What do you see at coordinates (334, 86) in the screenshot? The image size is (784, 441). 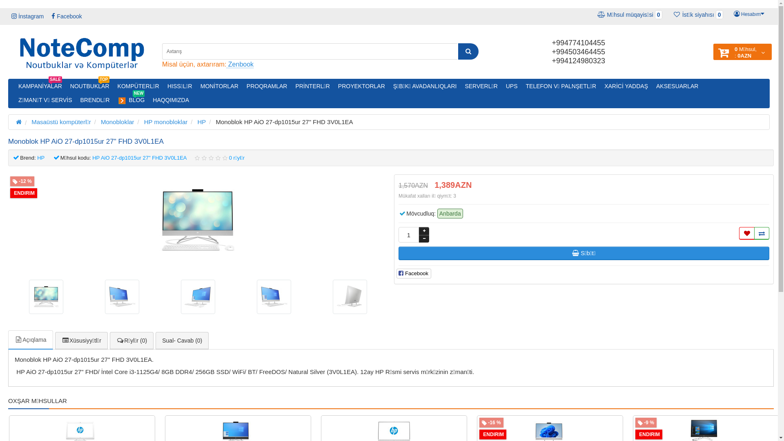 I see `'PROYEKTORLAR'` at bounding box center [334, 86].